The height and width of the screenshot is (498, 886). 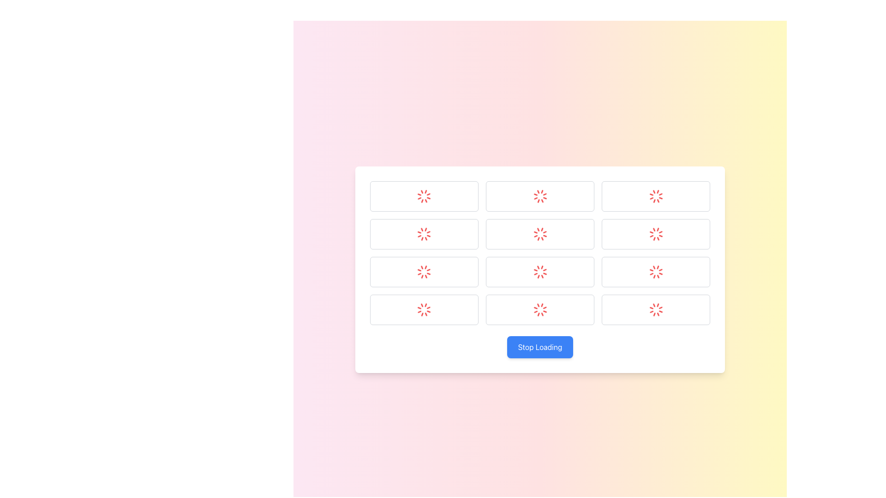 What do you see at coordinates (540, 309) in the screenshot?
I see `the spinning animation of the red-colored loader icon, which is the ninth item in a grid of spinner icons within a white card` at bounding box center [540, 309].